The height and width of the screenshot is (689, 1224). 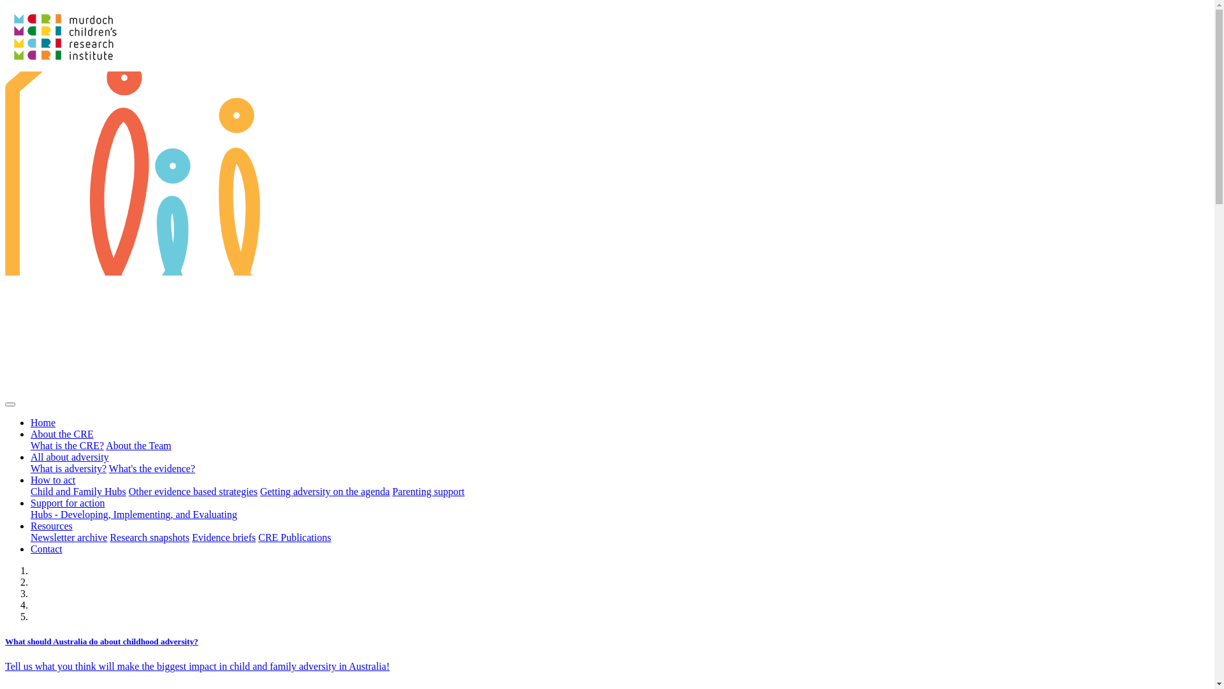 I want to click on 'Research snapshots', so click(x=149, y=537).